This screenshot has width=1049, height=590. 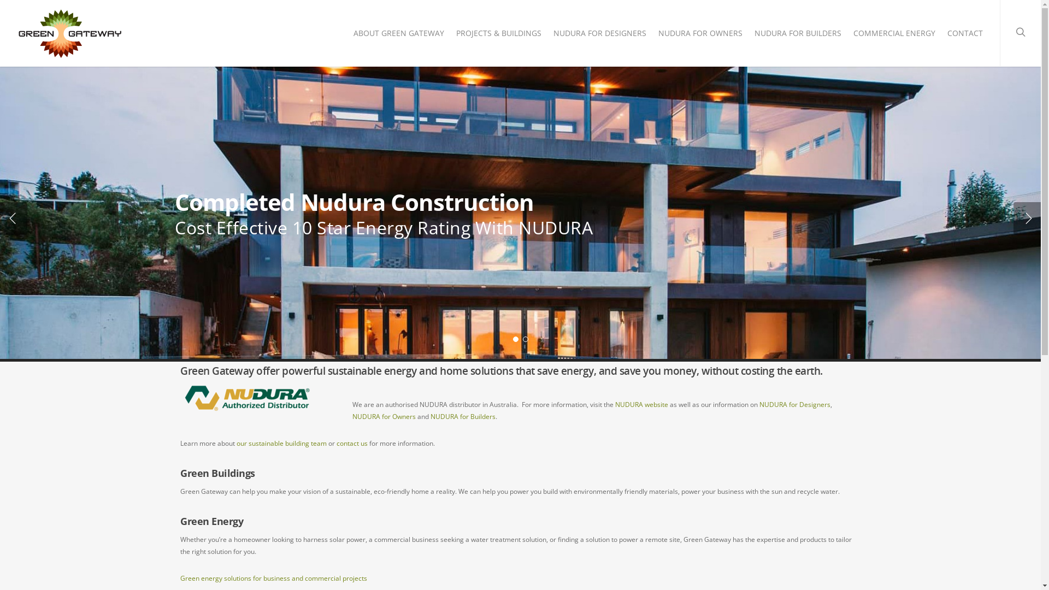 I want to click on 'NUDURA for Designers', so click(x=759, y=404).